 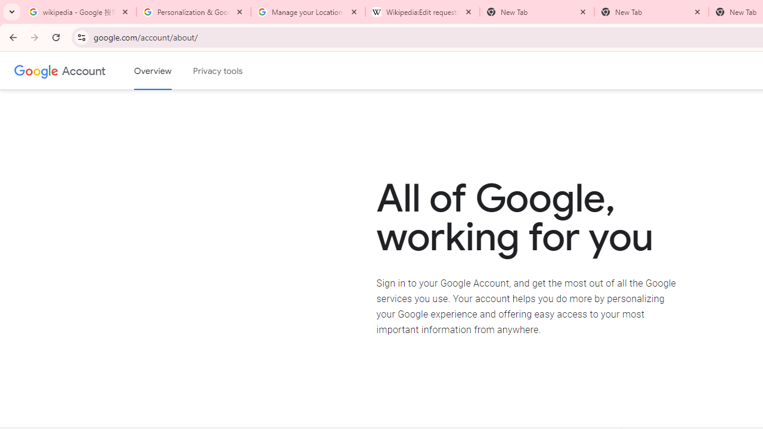 What do you see at coordinates (423, 12) in the screenshot?
I see `'Wikipedia:Edit requests - Wikipedia'` at bounding box center [423, 12].